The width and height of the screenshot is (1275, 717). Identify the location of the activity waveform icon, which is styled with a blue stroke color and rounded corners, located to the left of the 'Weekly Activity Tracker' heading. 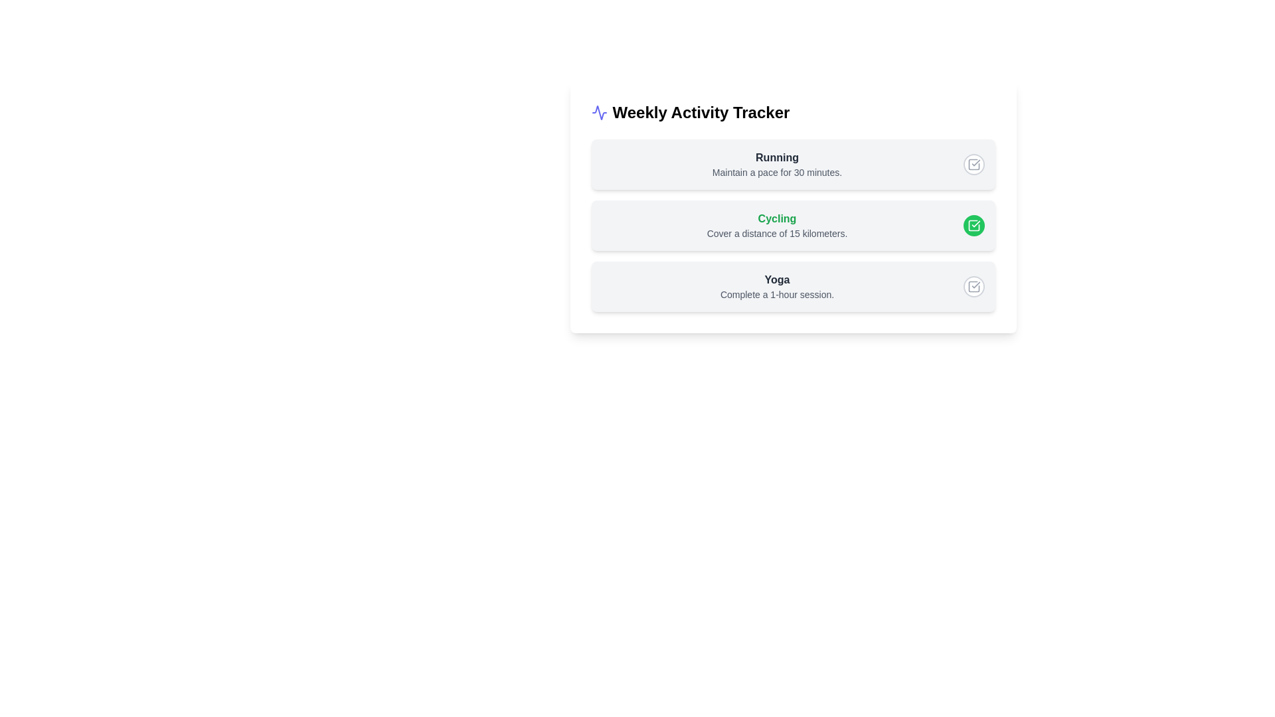
(598, 112).